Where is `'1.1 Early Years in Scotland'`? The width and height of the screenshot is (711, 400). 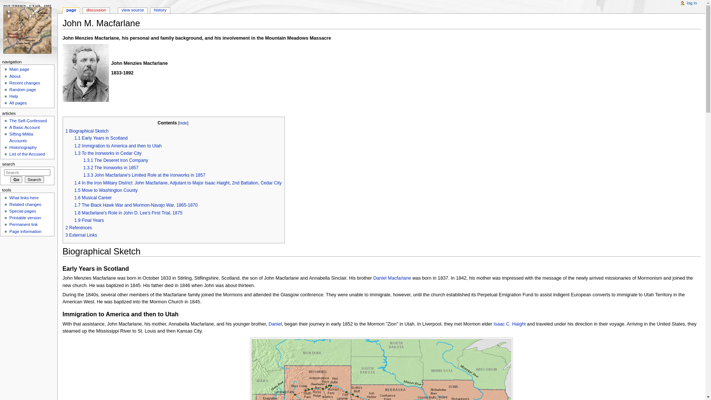 '1.1 Early Years in Scotland' is located at coordinates (101, 138).